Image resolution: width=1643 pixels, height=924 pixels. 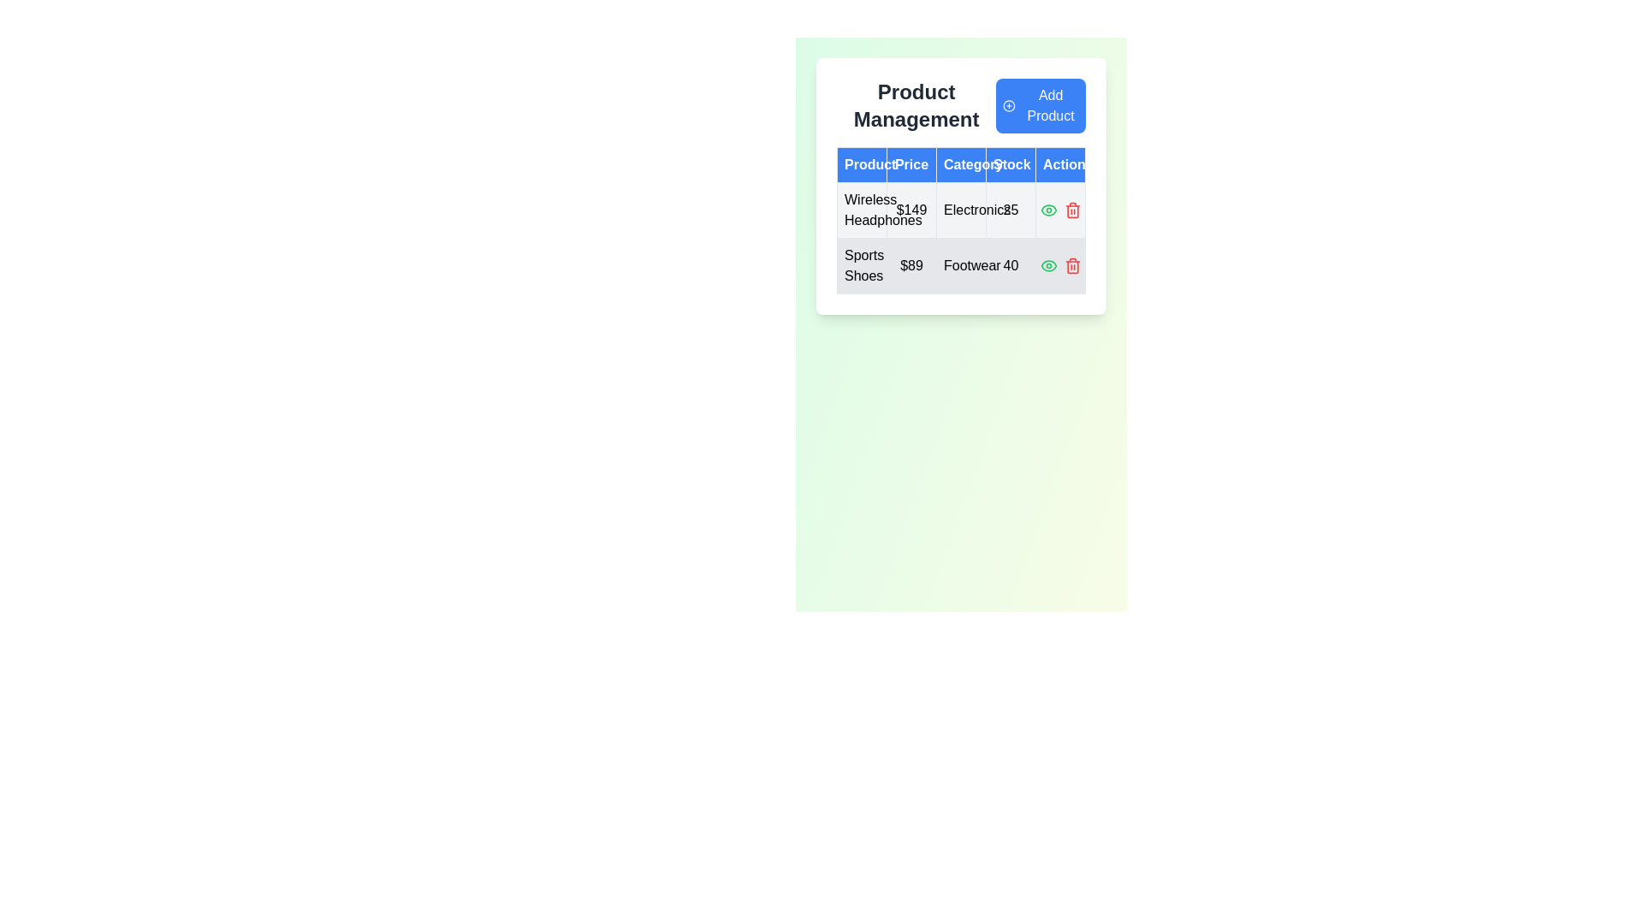 I want to click on the Text label displaying '40' under the 'Stock' column in the row labeled 'Sports Shoes', so click(x=1011, y=266).